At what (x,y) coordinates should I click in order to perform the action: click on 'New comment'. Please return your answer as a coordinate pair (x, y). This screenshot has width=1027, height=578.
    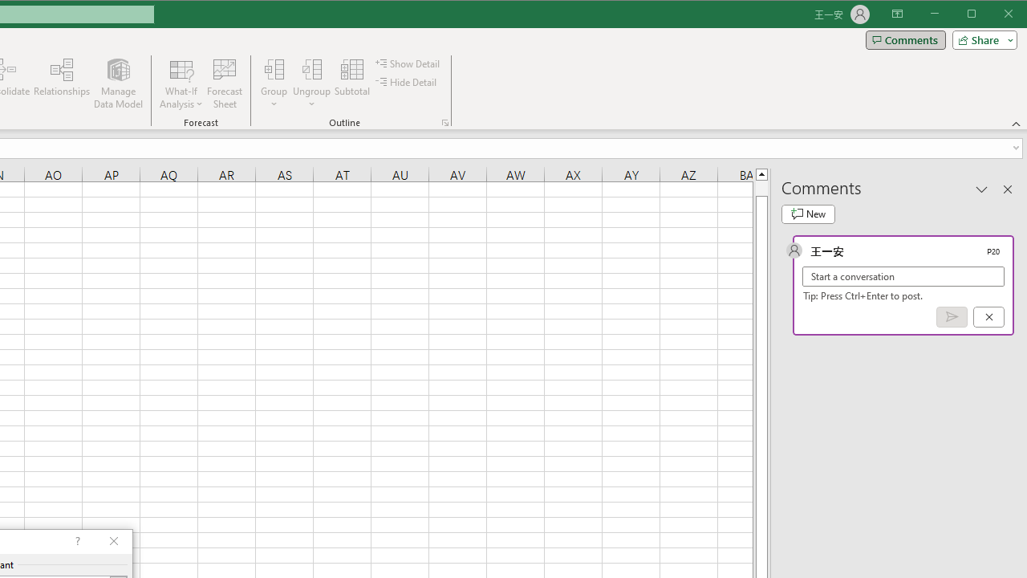
    Looking at the image, I should click on (808, 214).